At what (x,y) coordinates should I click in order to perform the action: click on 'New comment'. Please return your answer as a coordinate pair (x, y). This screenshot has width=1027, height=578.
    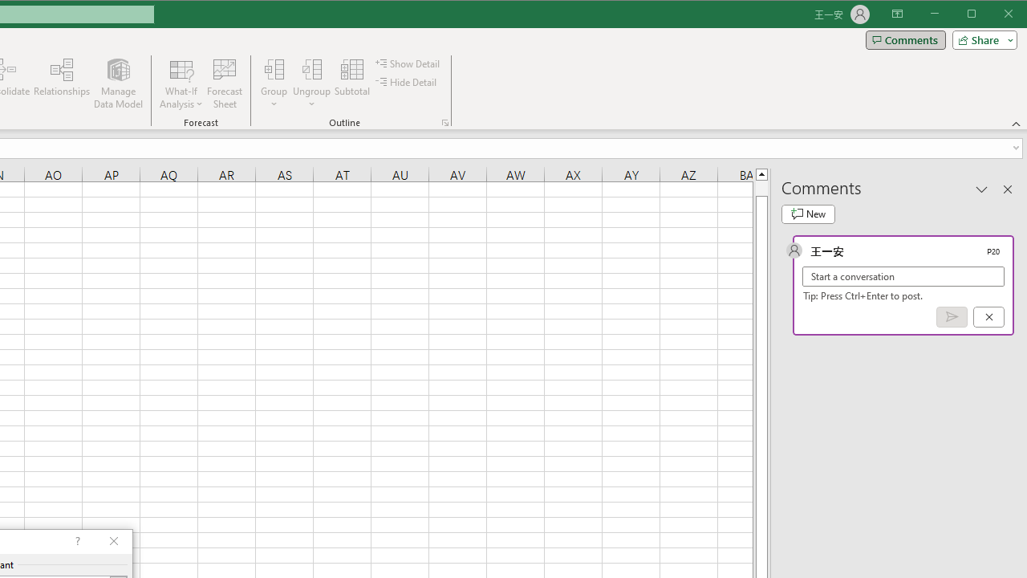
    Looking at the image, I should click on (808, 214).